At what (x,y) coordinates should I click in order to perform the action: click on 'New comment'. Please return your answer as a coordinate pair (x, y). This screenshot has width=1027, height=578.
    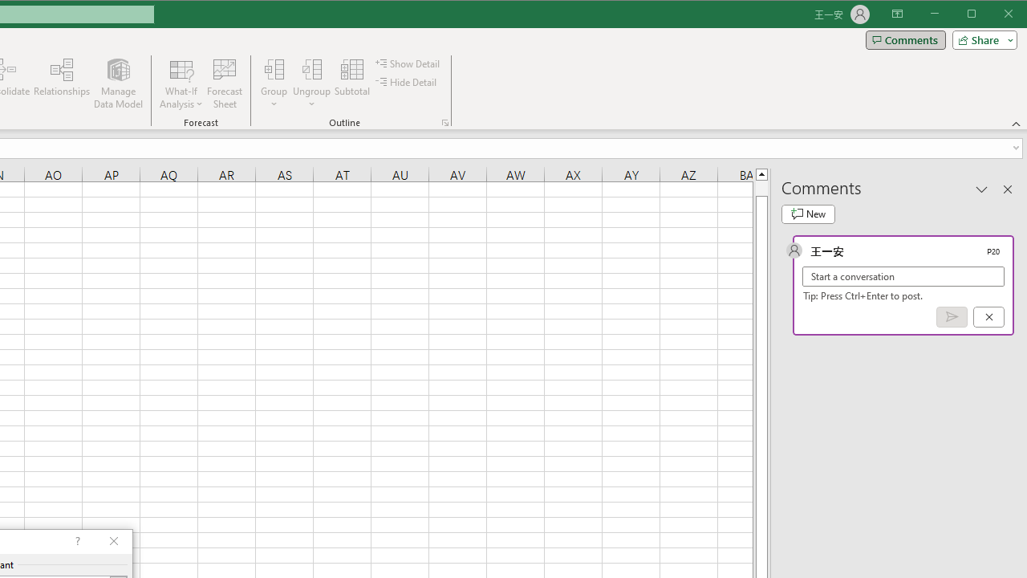
    Looking at the image, I should click on (808, 214).